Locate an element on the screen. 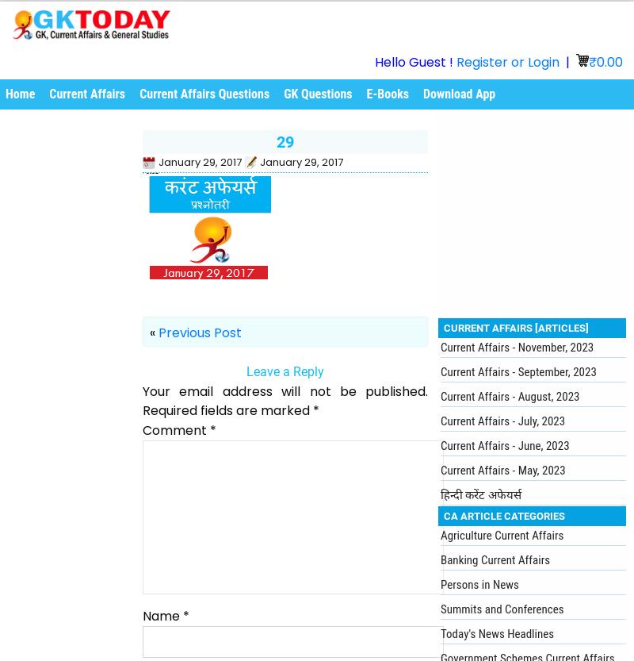 The width and height of the screenshot is (634, 661). 'Current Affairs [Articles]' is located at coordinates (515, 328).